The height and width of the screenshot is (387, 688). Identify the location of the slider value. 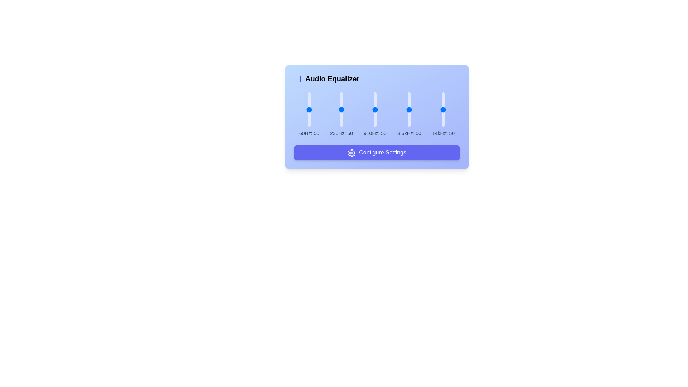
(443, 121).